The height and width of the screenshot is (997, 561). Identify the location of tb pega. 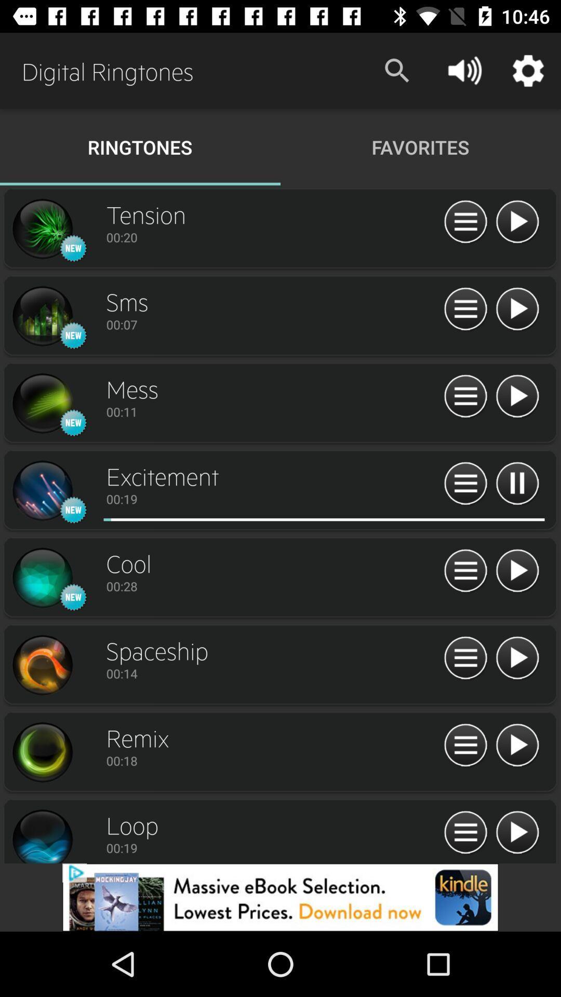
(42, 835).